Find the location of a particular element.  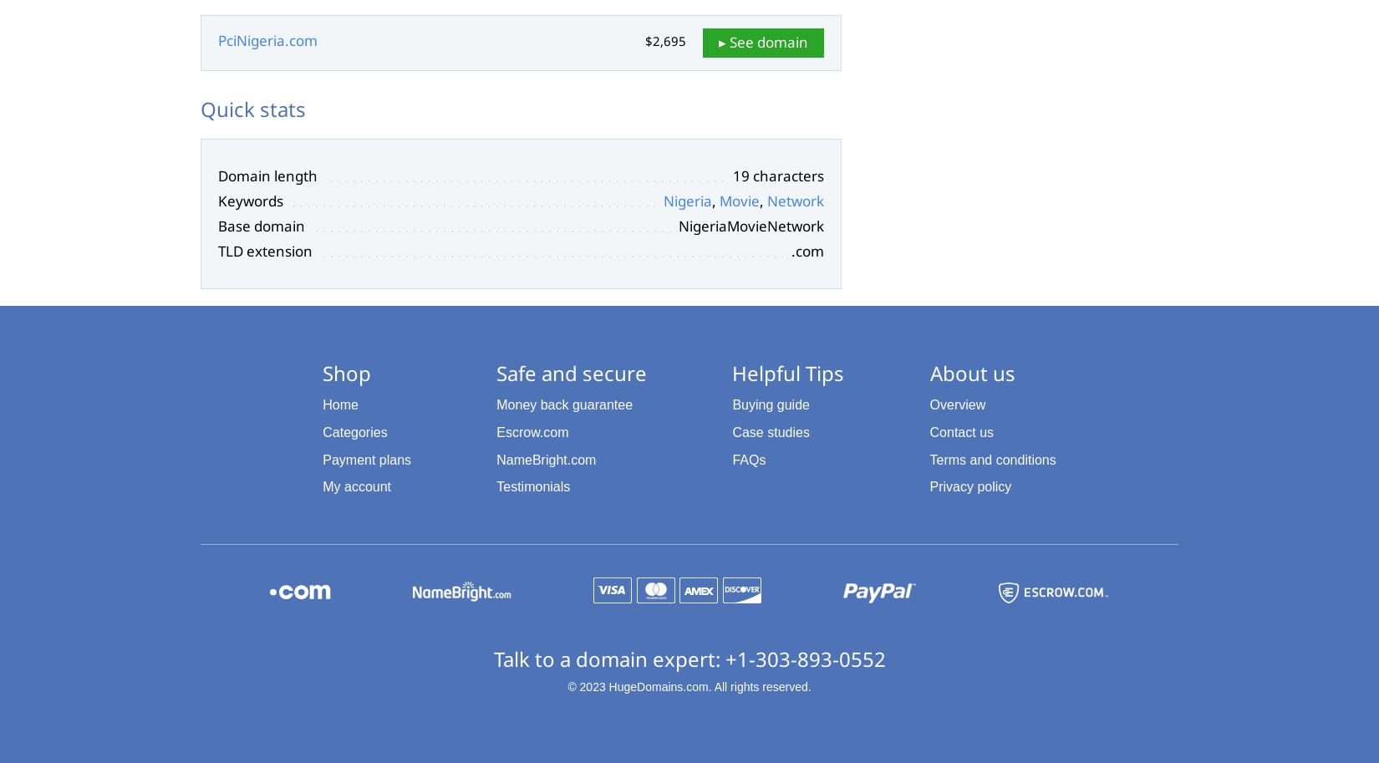

'Network' is located at coordinates (796, 200).